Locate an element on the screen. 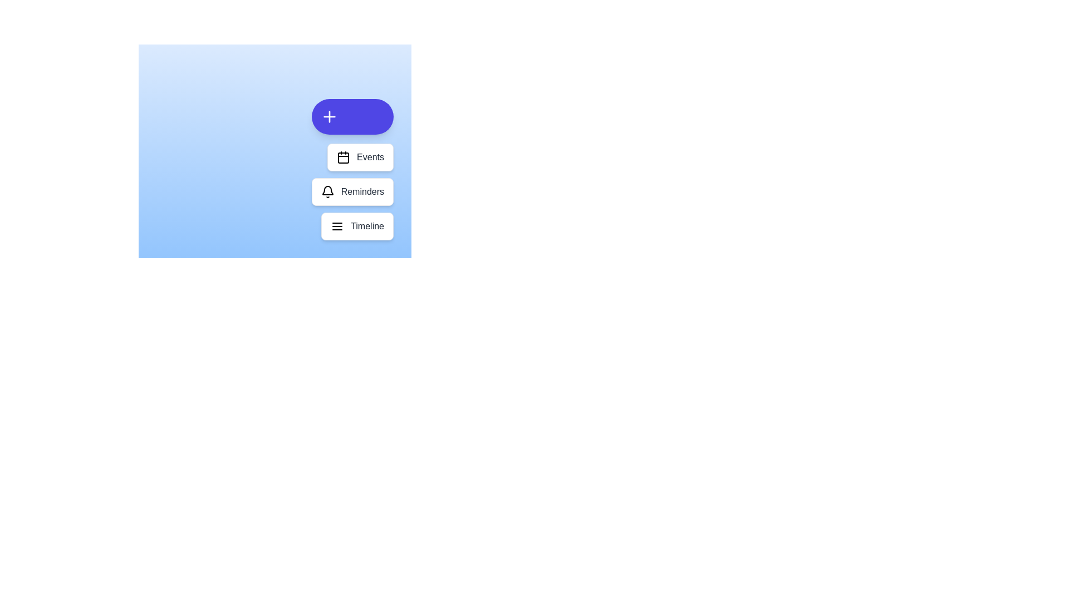 The width and height of the screenshot is (1069, 601). floating action button to toggle the menu is located at coordinates (352, 116).